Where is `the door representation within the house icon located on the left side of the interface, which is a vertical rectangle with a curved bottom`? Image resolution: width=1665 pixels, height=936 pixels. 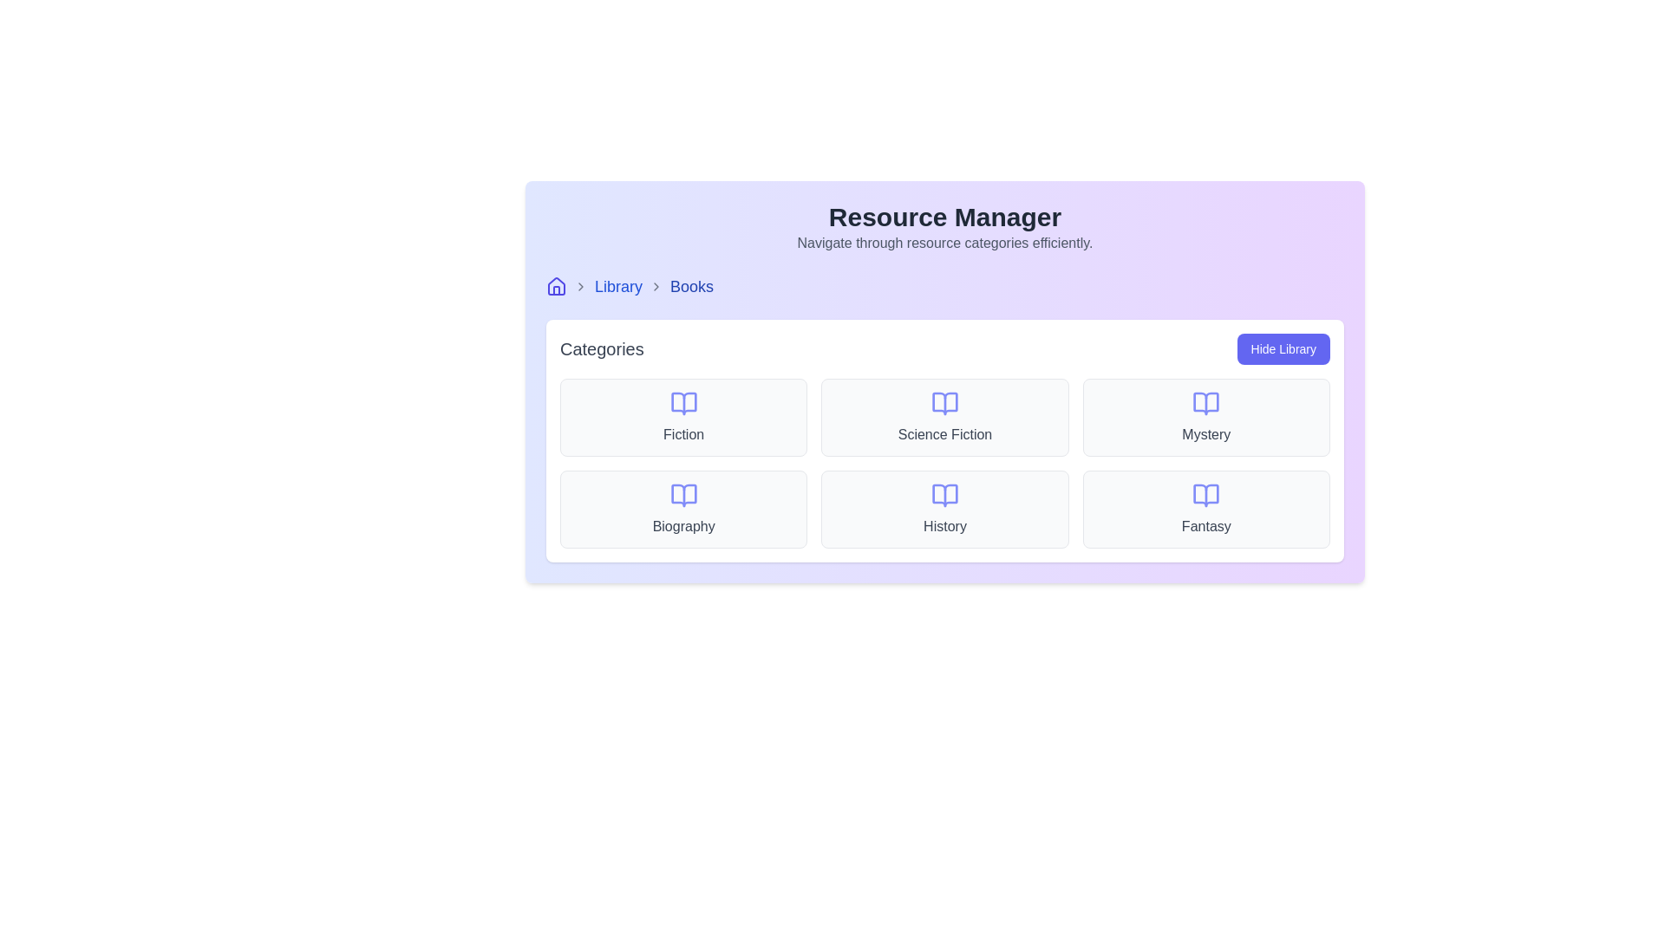
the door representation within the house icon located on the left side of the interface, which is a vertical rectangle with a curved bottom is located at coordinates (557, 289).